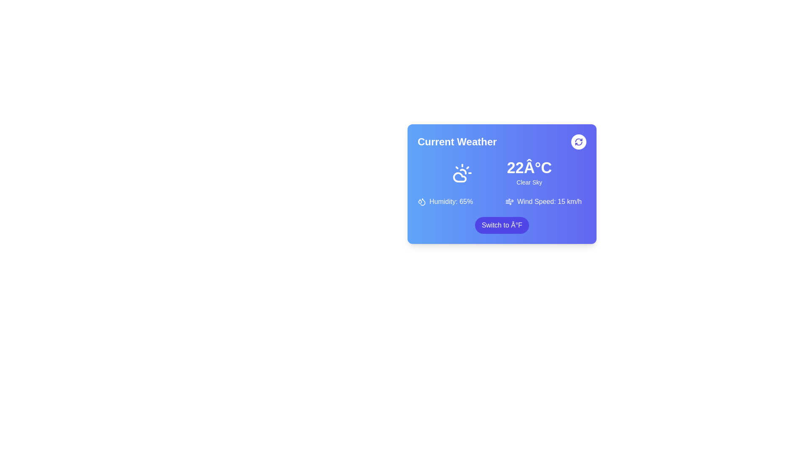  Describe the element at coordinates (457, 201) in the screenshot. I see `the 'Humidity: 65%' text and droplet icon in the weather widget, which is styled in white on a blue gradient background` at that location.